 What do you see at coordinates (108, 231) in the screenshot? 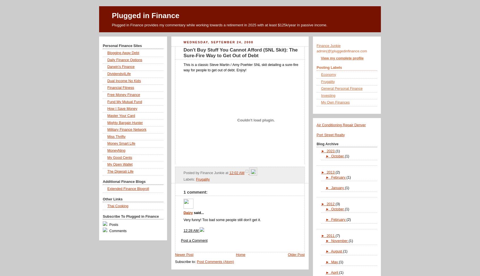
I see `'Comments'` at bounding box center [108, 231].